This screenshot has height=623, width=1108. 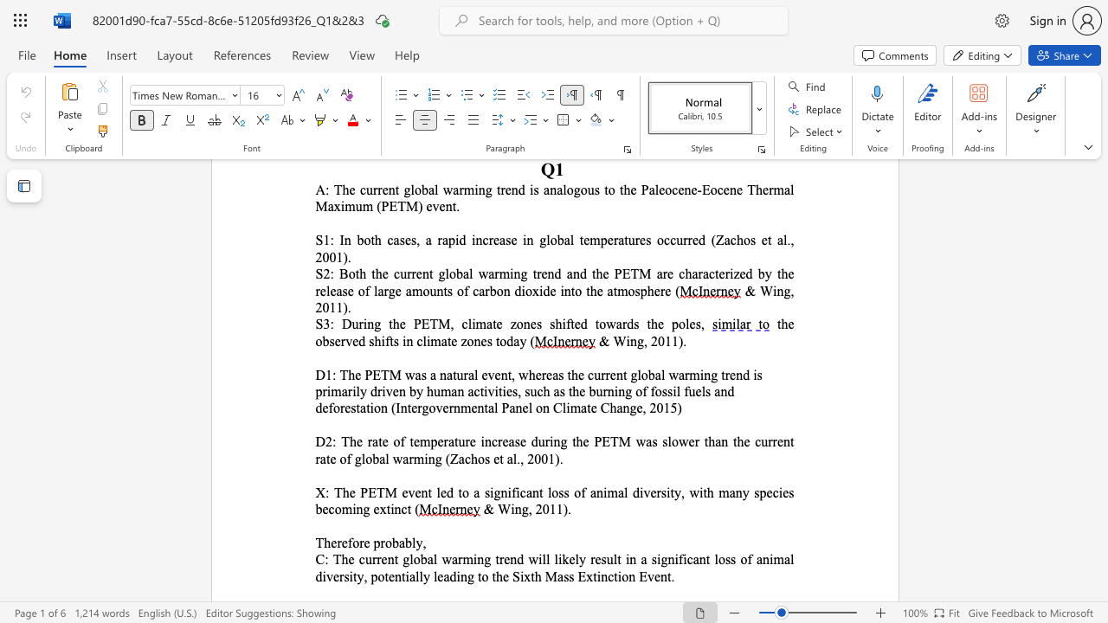 What do you see at coordinates (536, 273) in the screenshot?
I see `the subset text "rend and" within the text "S2: Both the current global warming trend and the"` at bounding box center [536, 273].